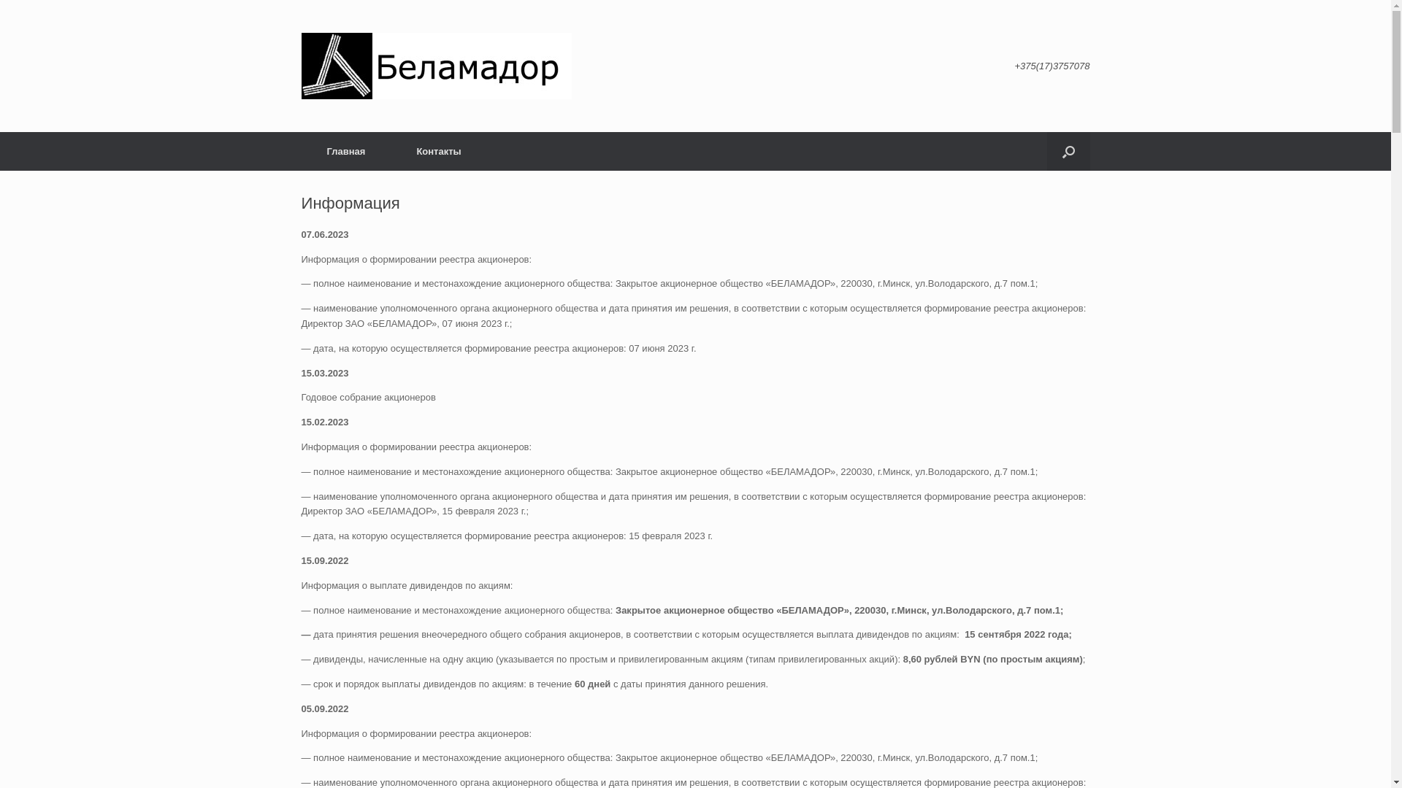  I want to click on 'Belamador', so click(434, 66).